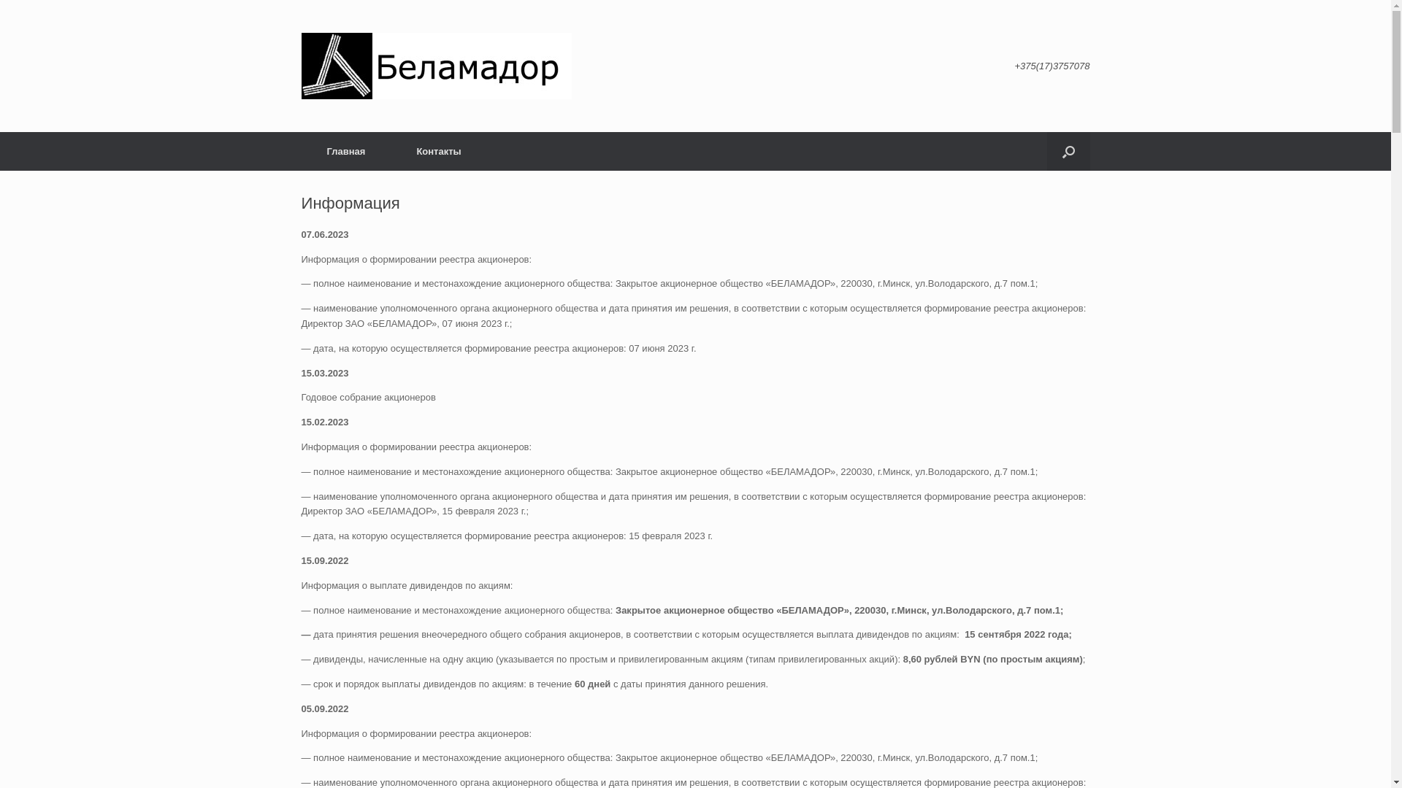  I want to click on 'Belamador', so click(434, 66).